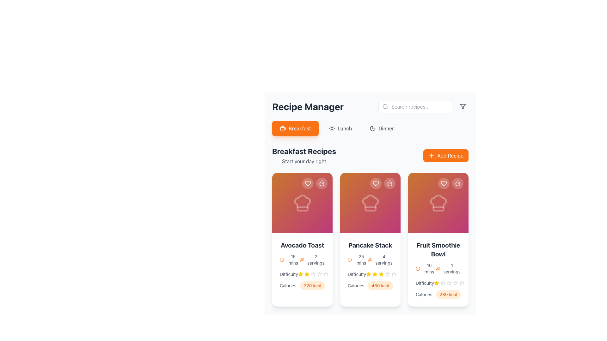 The height and width of the screenshot is (341, 607). I want to click on the fifth gray star icon in the rating system below the 'Difficulty' label of the 'Avocado Toast' card, so click(319, 274).